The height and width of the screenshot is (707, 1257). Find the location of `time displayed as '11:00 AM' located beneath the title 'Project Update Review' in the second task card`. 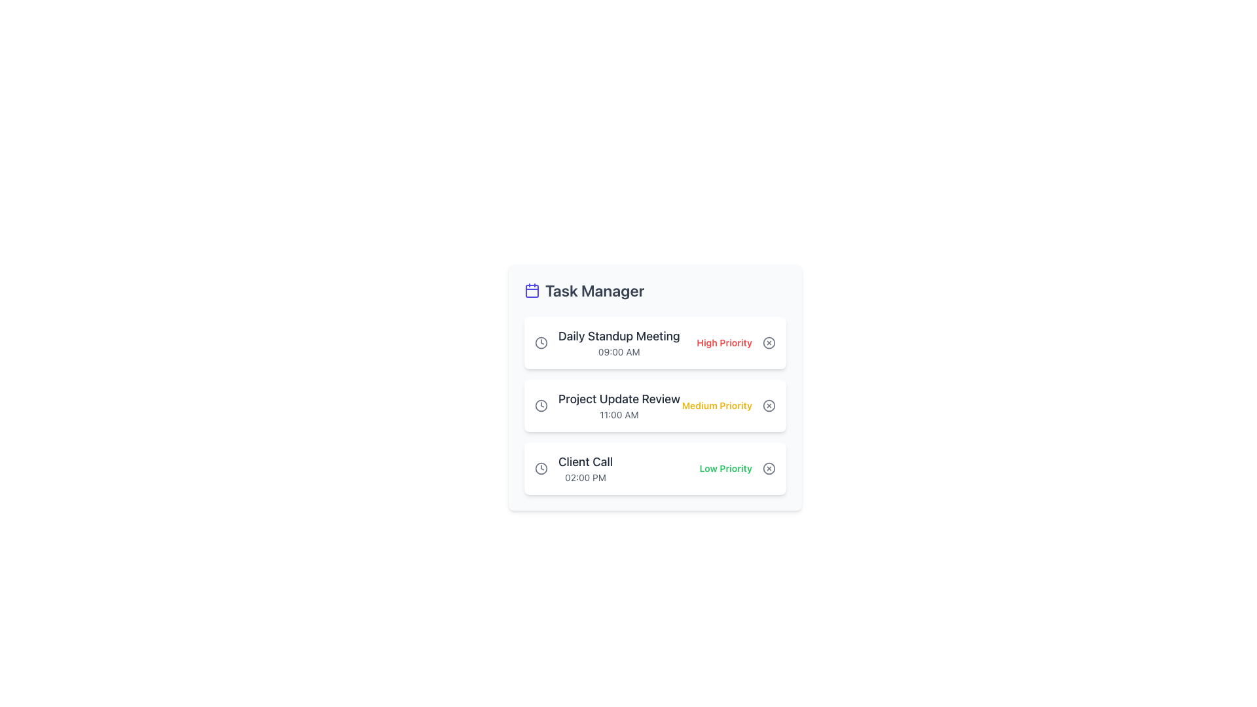

time displayed as '11:00 AM' located beneath the title 'Project Update Review' in the second task card is located at coordinates (618, 414).